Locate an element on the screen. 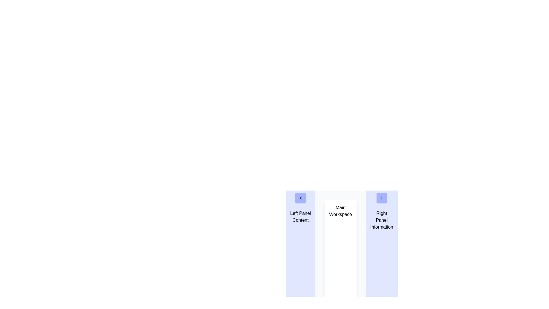 The image size is (549, 309). the rounded rectangular button with a light indigo background and a right-pointing chevron icon located in the 'Right Panel Information' is located at coordinates (381, 197).